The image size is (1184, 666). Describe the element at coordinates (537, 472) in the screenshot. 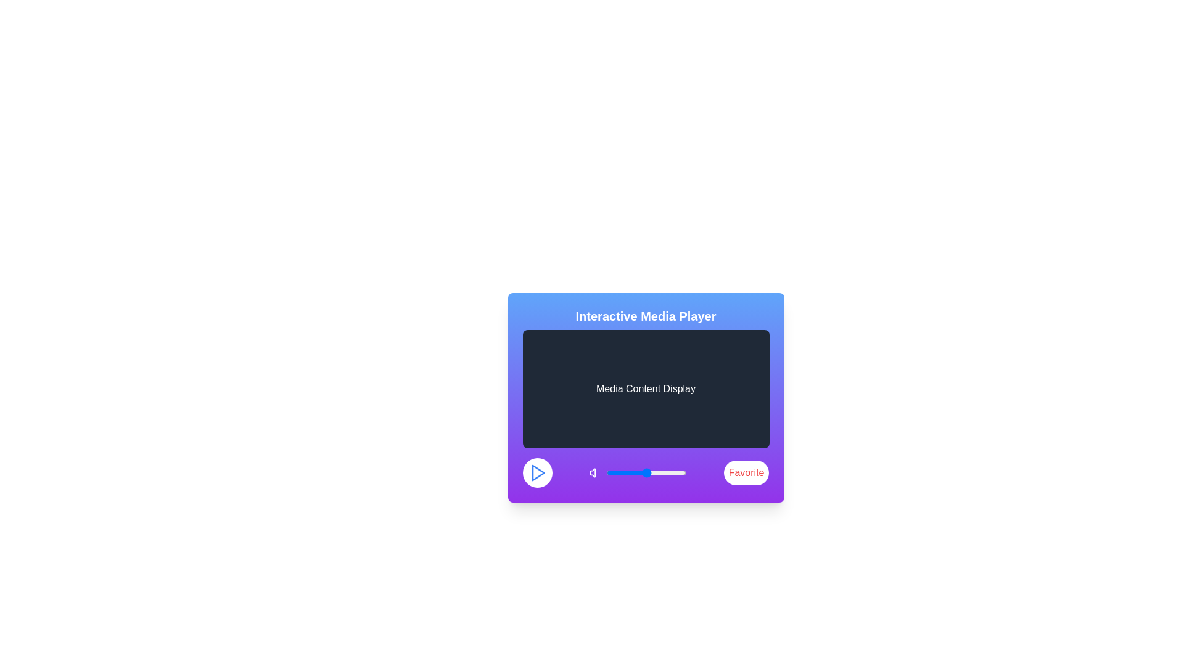

I see `the circular play button with a triangular blue icon at the center, located at the bottom-left corner of the media player interface, to change its background color to light gray` at that location.